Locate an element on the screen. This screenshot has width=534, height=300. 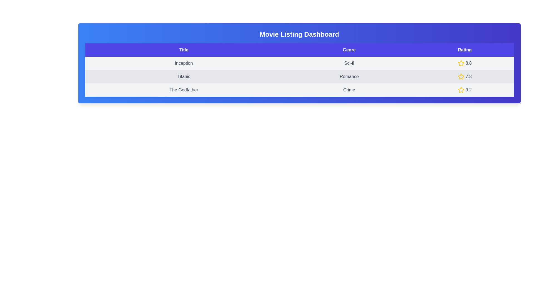
rating value displayed for the movie 'Titanic', which is located in the third column under the 'Rating' header in the second row of the table is located at coordinates (465, 77).